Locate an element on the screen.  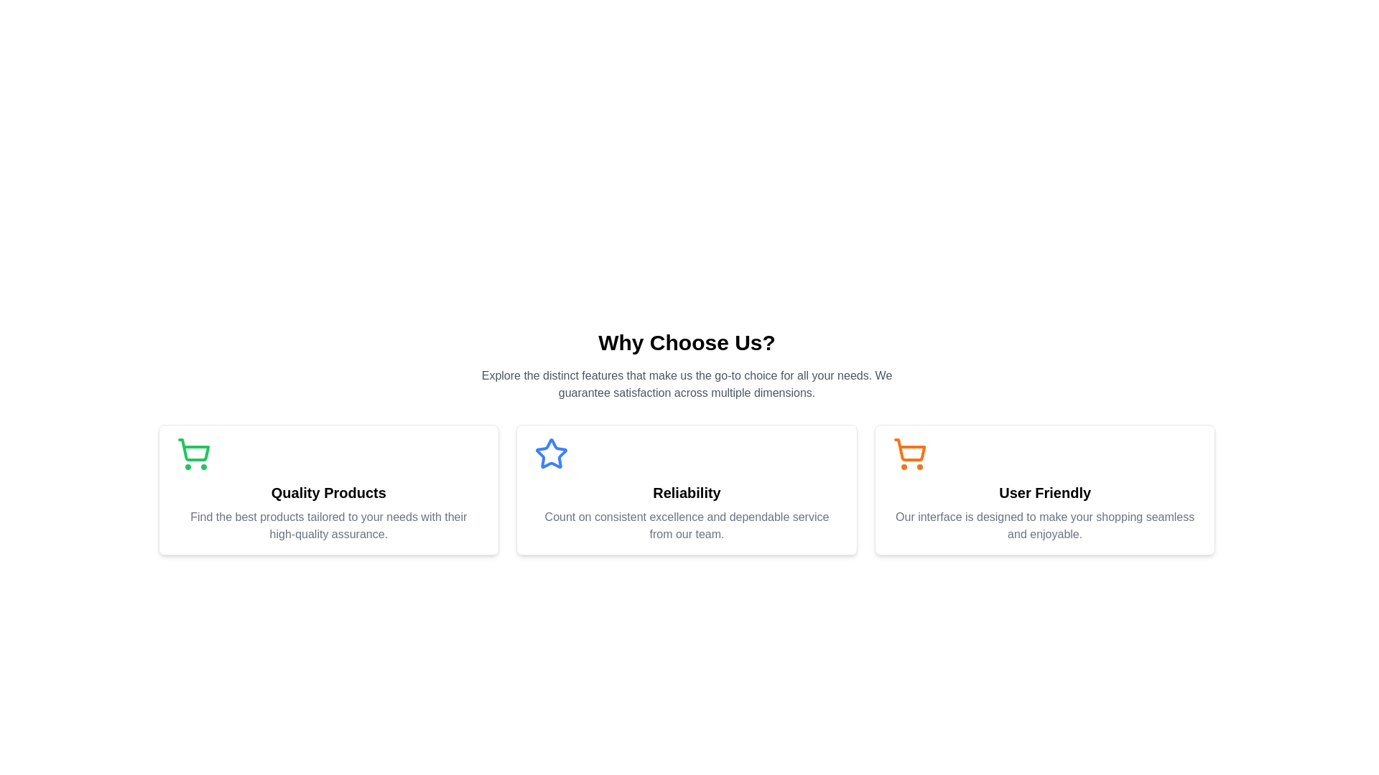
static text block containing the message: 'Explore the distinct features that make us the go-to choice for all your needs. We guarantee satisfaction across multiple dimensions.' which is styled in gray and located below the heading 'Why Choose Us?' is located at coordinates (686, 384).